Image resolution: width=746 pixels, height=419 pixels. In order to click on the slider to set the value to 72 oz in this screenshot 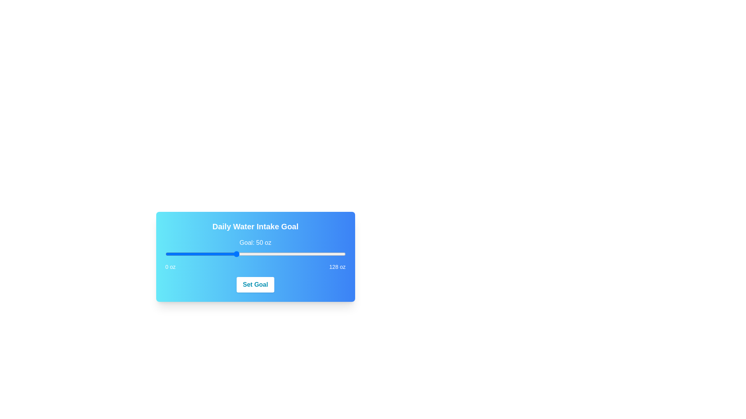, I will do `click(267, 254)`.